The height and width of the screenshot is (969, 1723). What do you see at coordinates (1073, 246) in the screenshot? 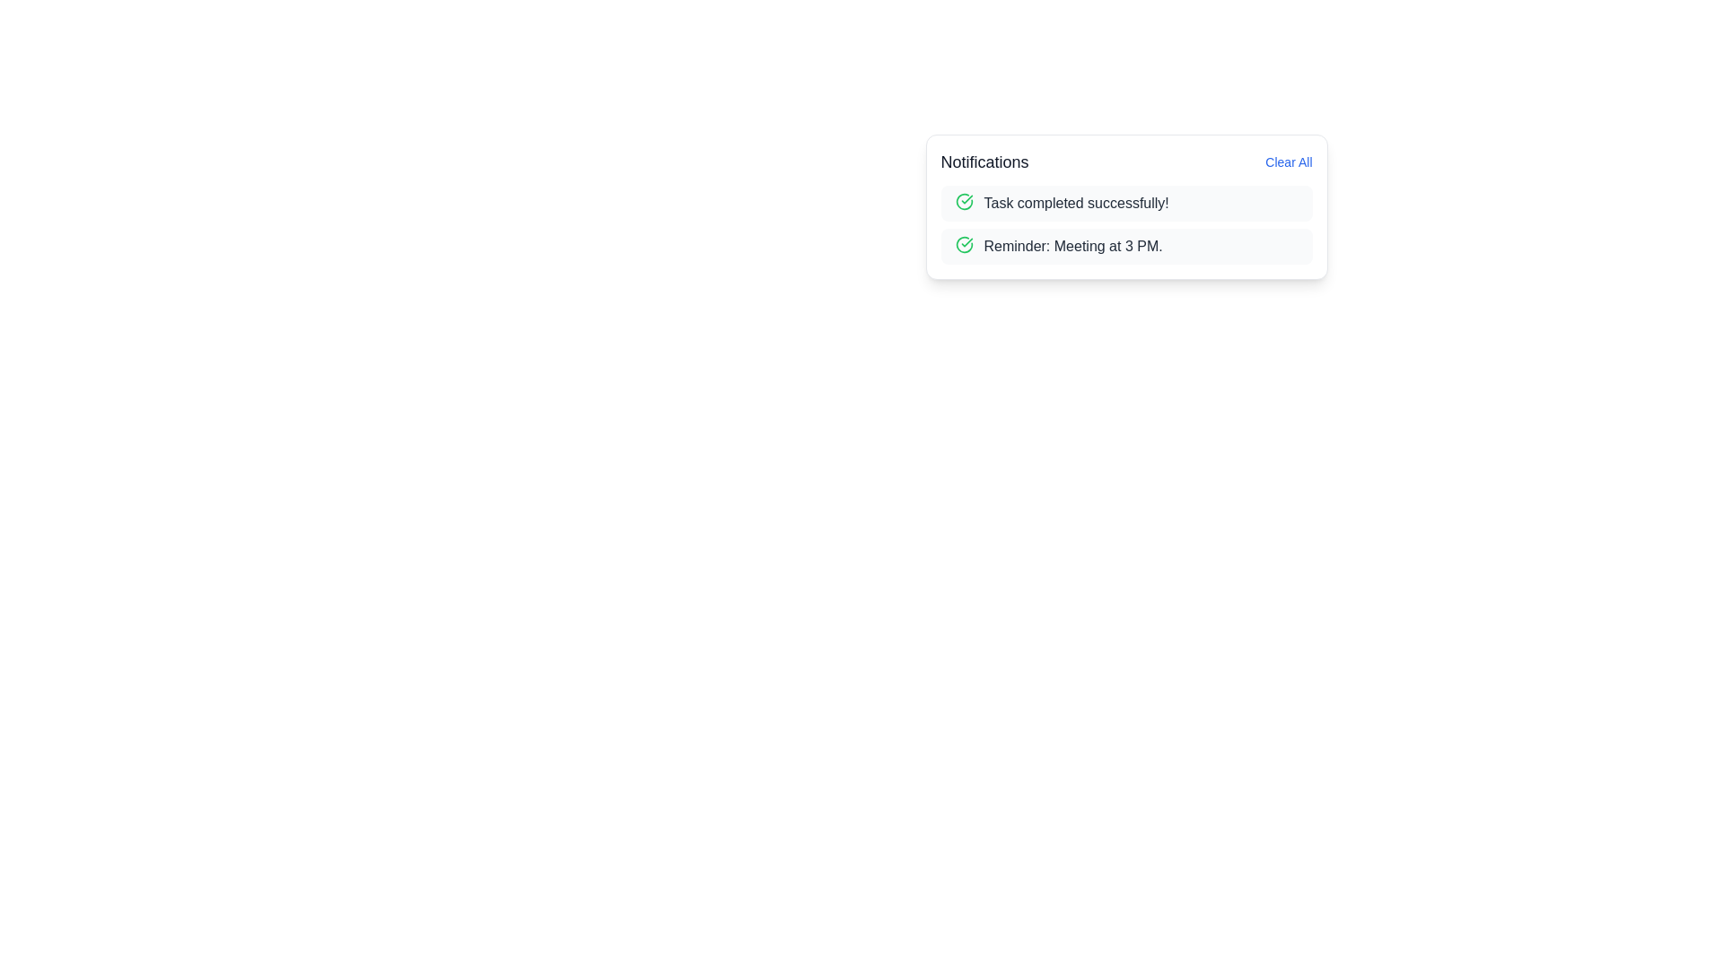
I see `the text label displaying 'Reminder: Meeting at 3 PM.' which is located in the second notification of the notifications list, to the right of a green check icon` at bounding box center [1073, 246].